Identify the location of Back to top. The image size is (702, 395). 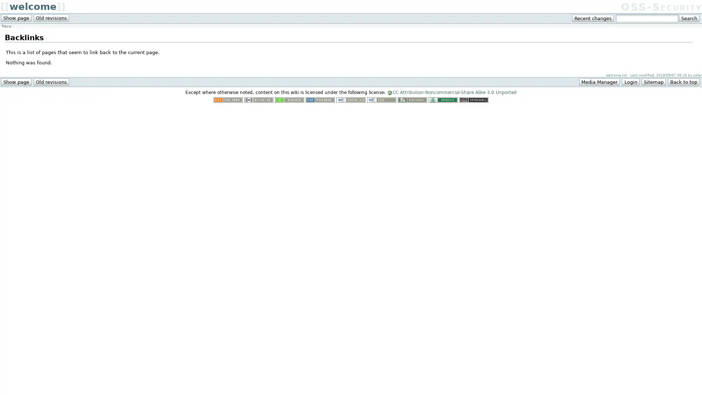
(683, 82).